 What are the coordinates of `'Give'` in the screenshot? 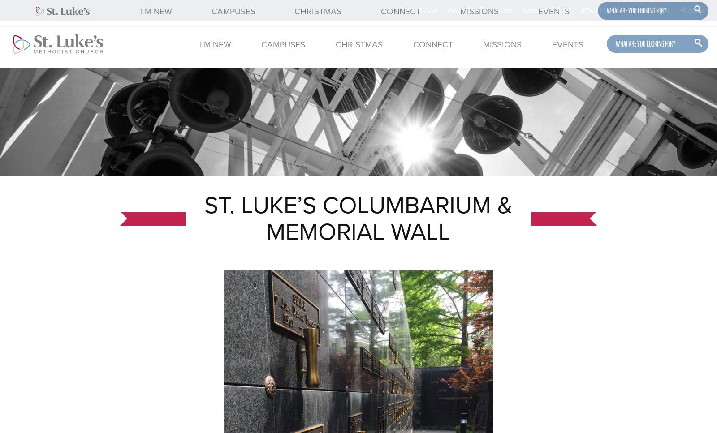 It's located at (498, 10).